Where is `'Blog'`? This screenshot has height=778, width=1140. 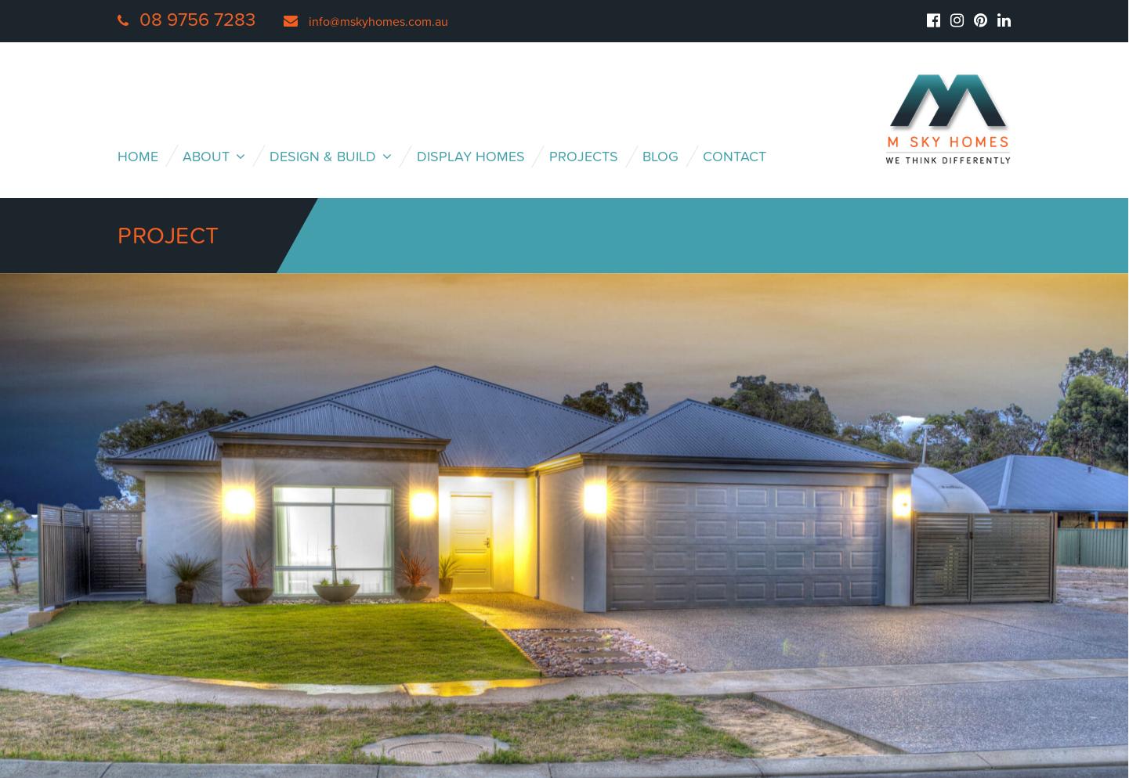 'Blog' is located at coordinates (659, 156).